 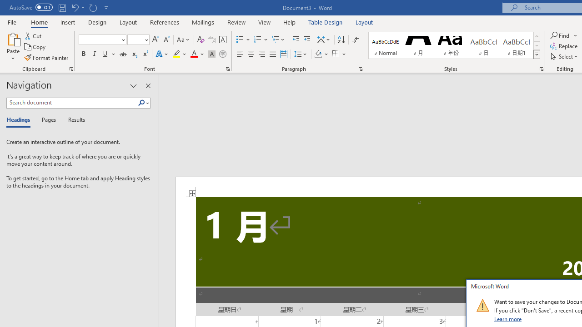 What do you see at coordinates (272, 54) in the screenshot?
I see `'Justify'` at bounding box center [272, 54].